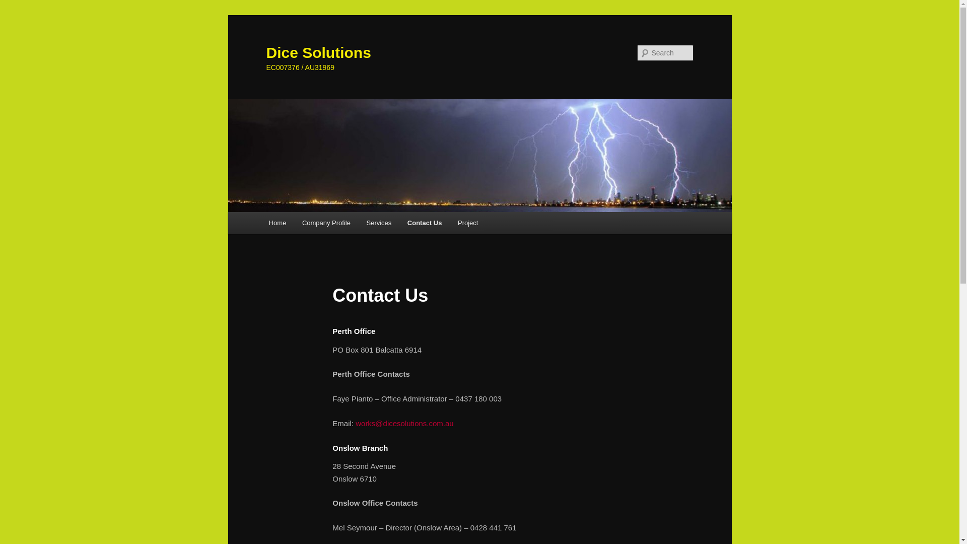 The image size is (967, 544). What do you see at coordinates (378, 222) in the screenshot?
I see `'Services'` at bounding box center [378, 222].